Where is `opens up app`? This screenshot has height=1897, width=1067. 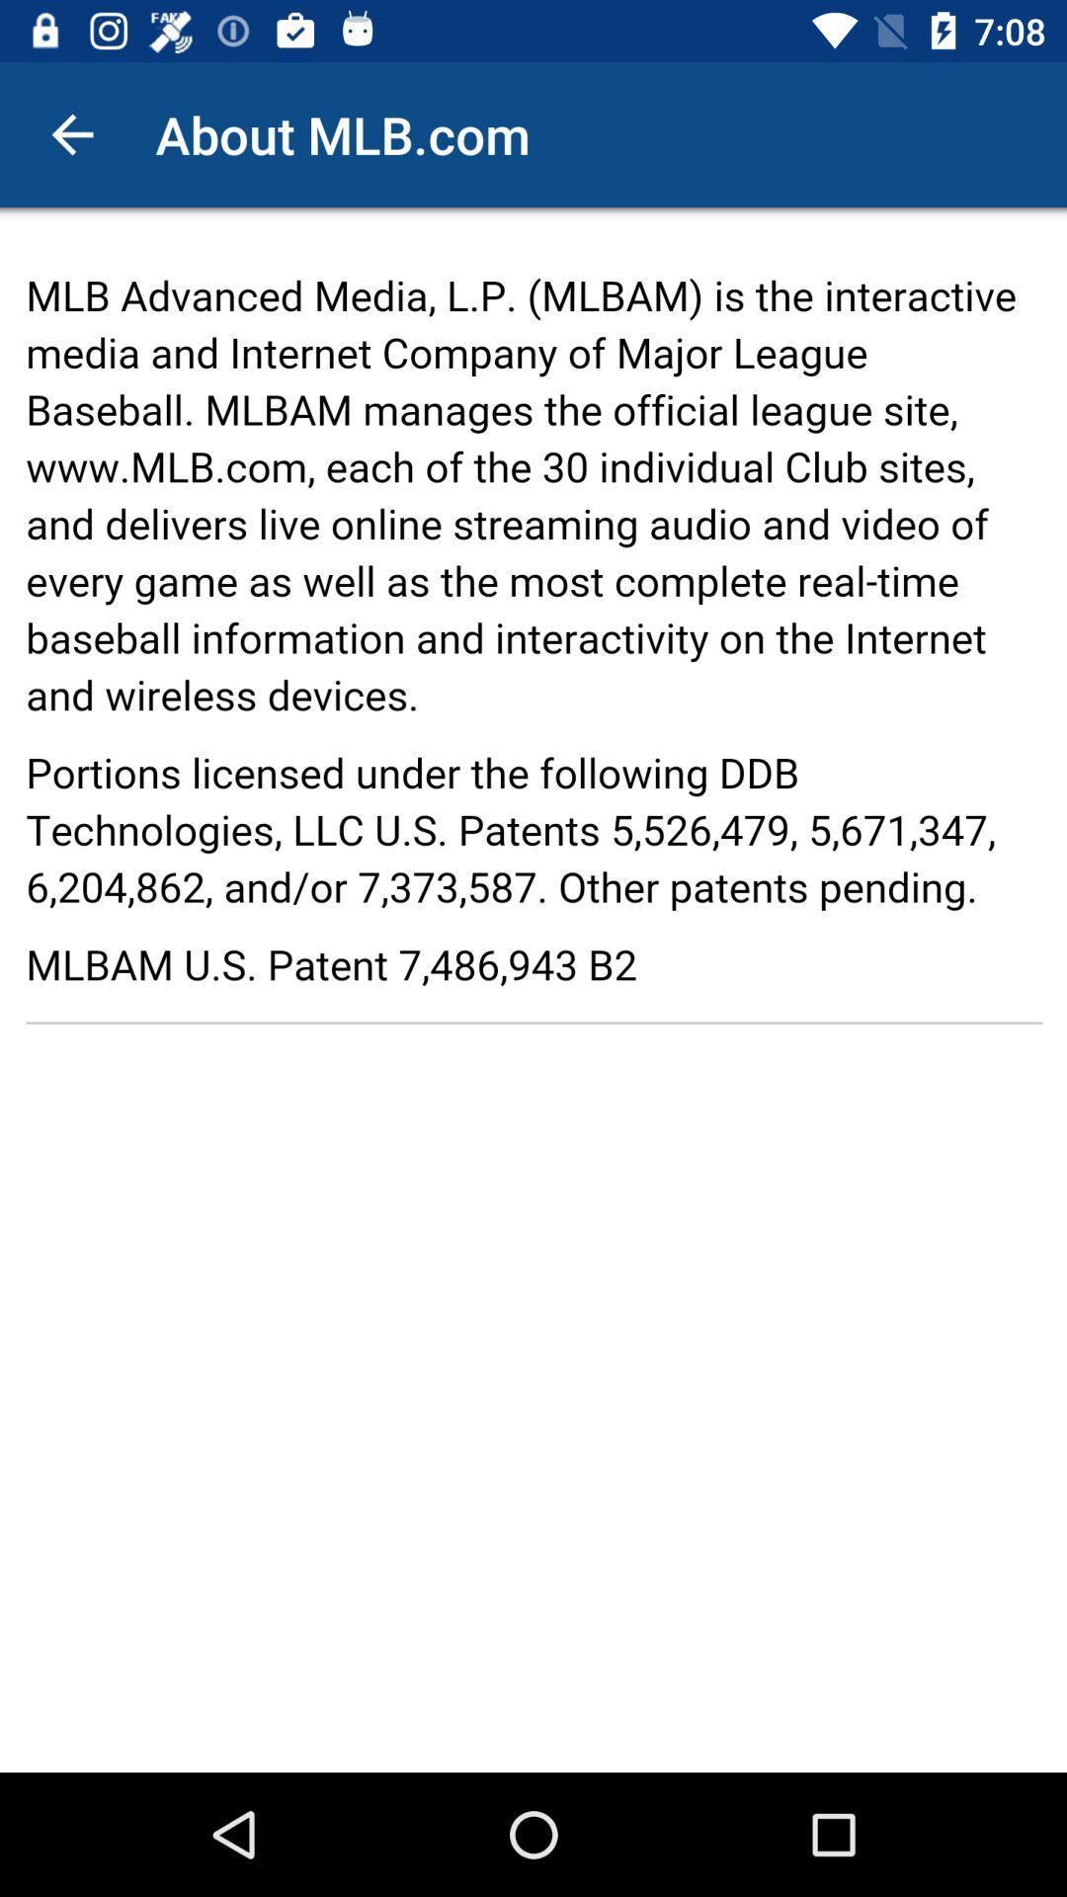
opens up app is located at coordinates (533, 990).